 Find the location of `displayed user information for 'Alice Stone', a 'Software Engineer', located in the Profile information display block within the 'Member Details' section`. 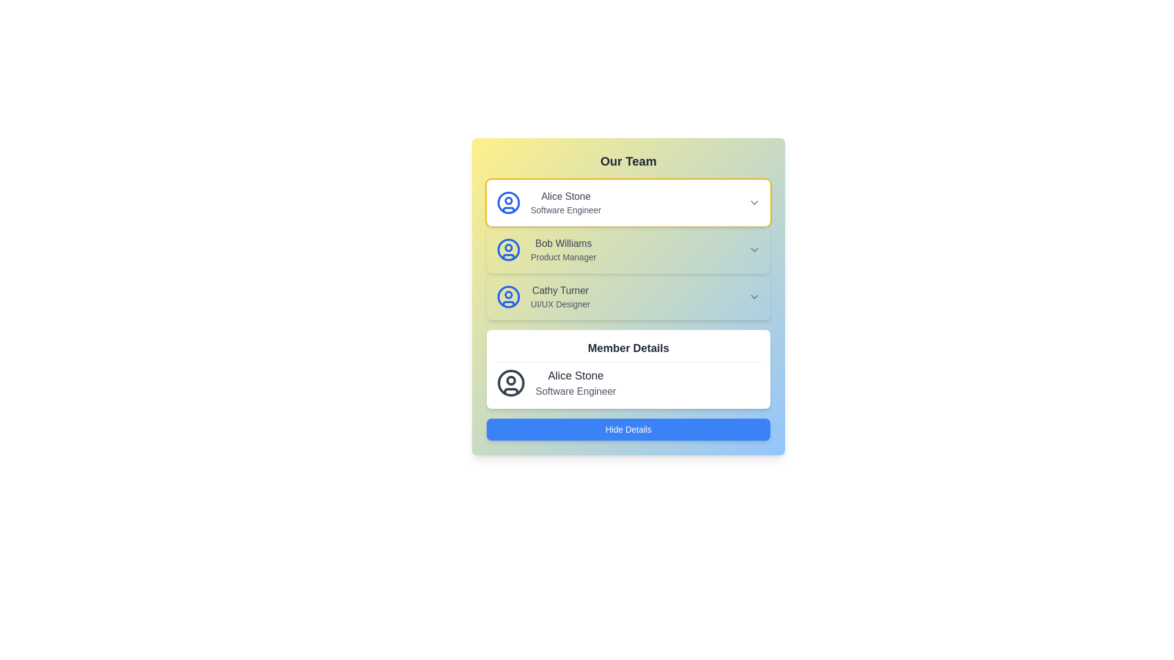

displayed user information for 'Alice Stone', a 'Software Engineer', located in the Profile information display block within the 'Member Details' section is located at coordinates (628, 383).